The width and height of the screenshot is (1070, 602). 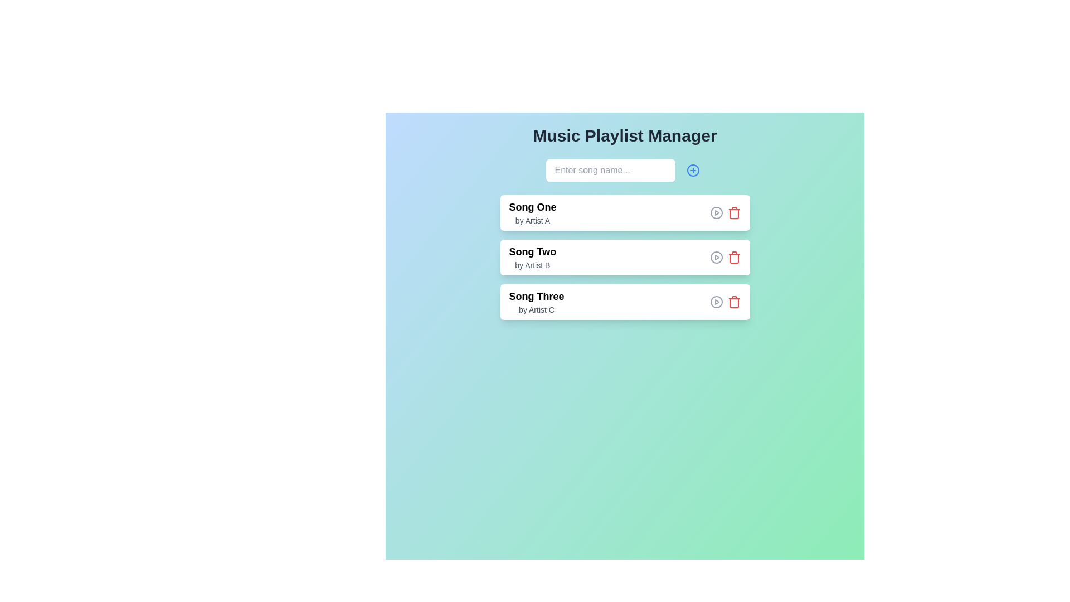 I want to click on the text element displaying the title 'Song Two' and subtitle 'by Artist B' in the music playlist manager interface, so click(x=532, y=258).